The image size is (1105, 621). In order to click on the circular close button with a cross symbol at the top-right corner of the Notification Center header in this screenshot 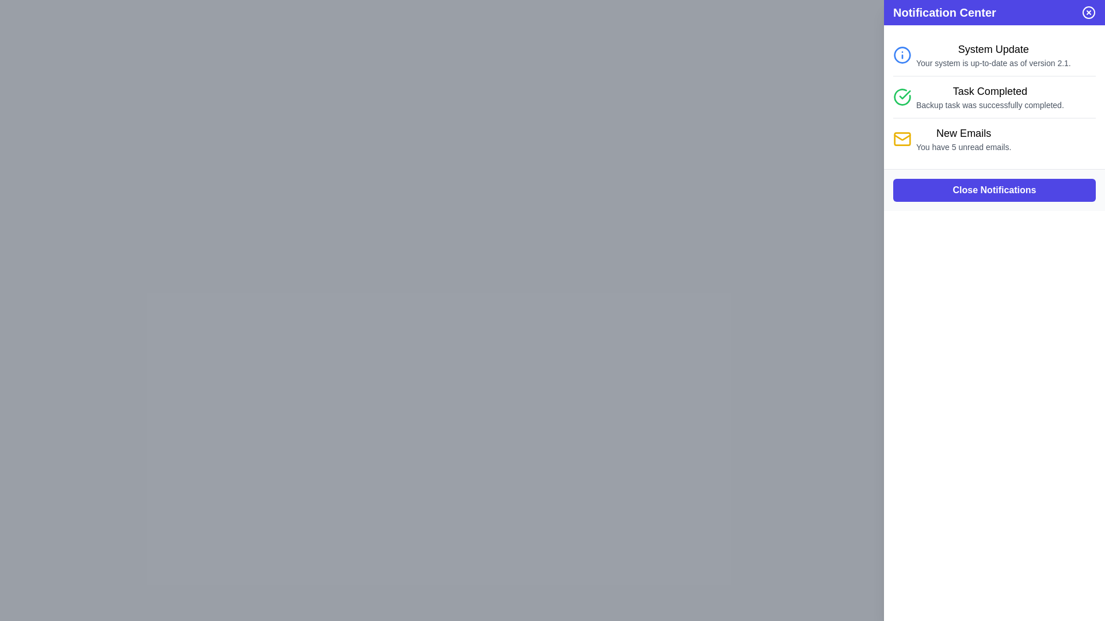, I will do `click(1088, 13)`.